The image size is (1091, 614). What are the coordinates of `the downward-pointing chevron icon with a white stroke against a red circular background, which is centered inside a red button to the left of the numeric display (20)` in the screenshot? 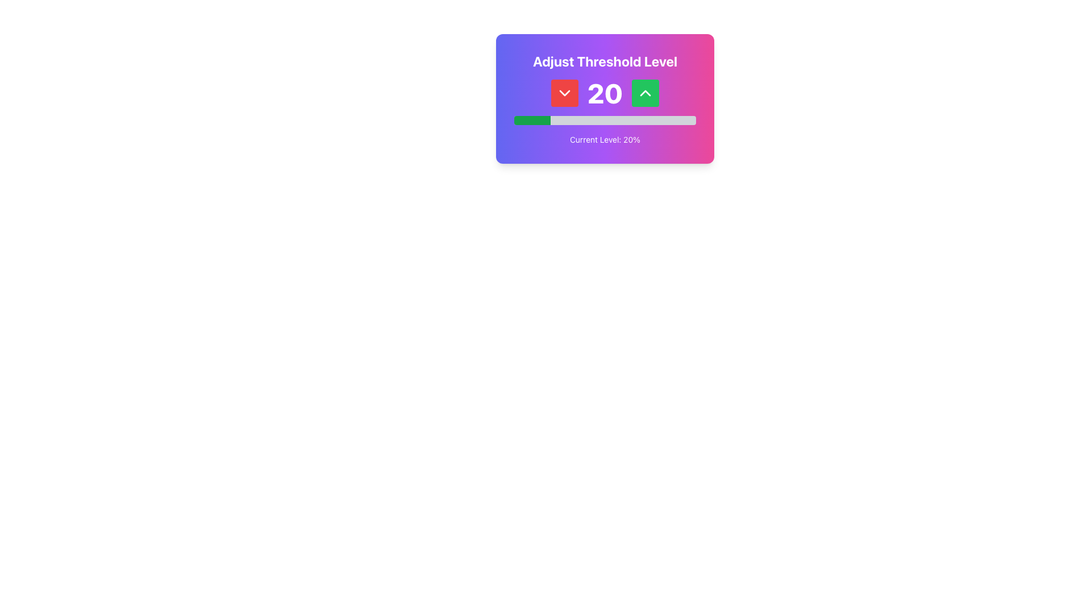 It's located at (564, 93).